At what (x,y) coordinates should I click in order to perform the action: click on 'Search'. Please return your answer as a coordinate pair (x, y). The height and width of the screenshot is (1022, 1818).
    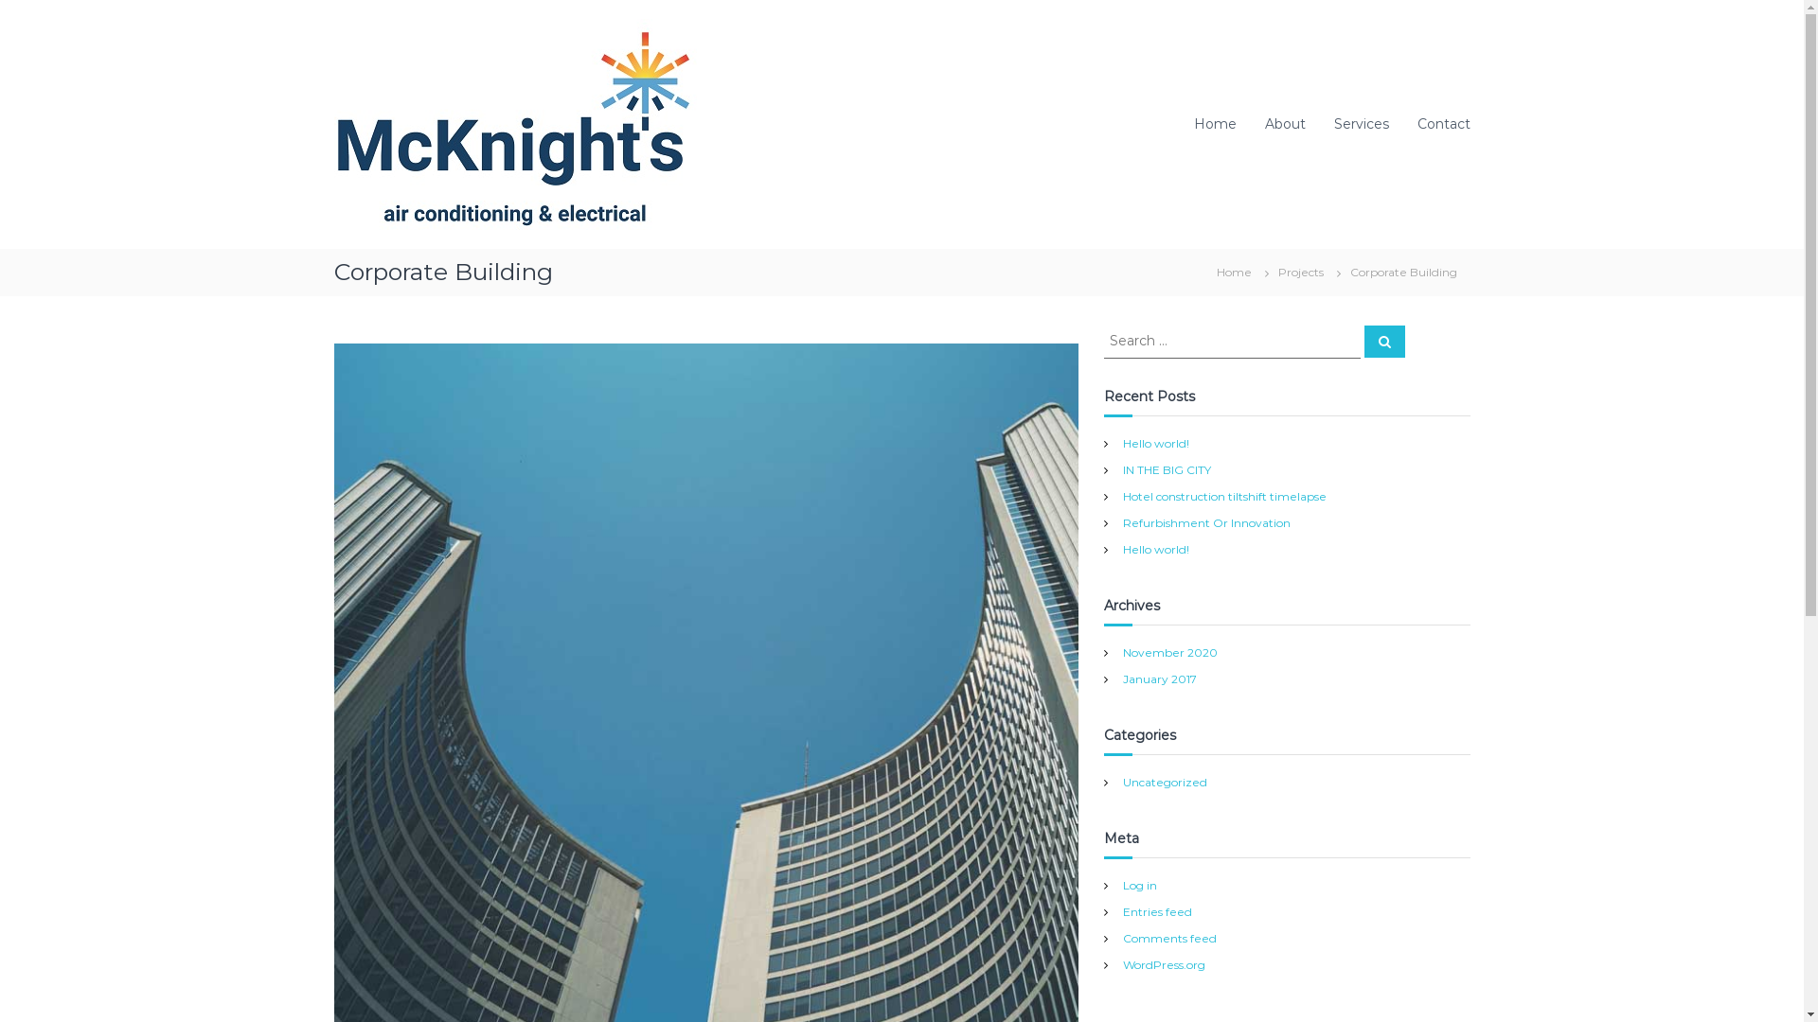
    Looking at the image, I should click on (1383, 342).